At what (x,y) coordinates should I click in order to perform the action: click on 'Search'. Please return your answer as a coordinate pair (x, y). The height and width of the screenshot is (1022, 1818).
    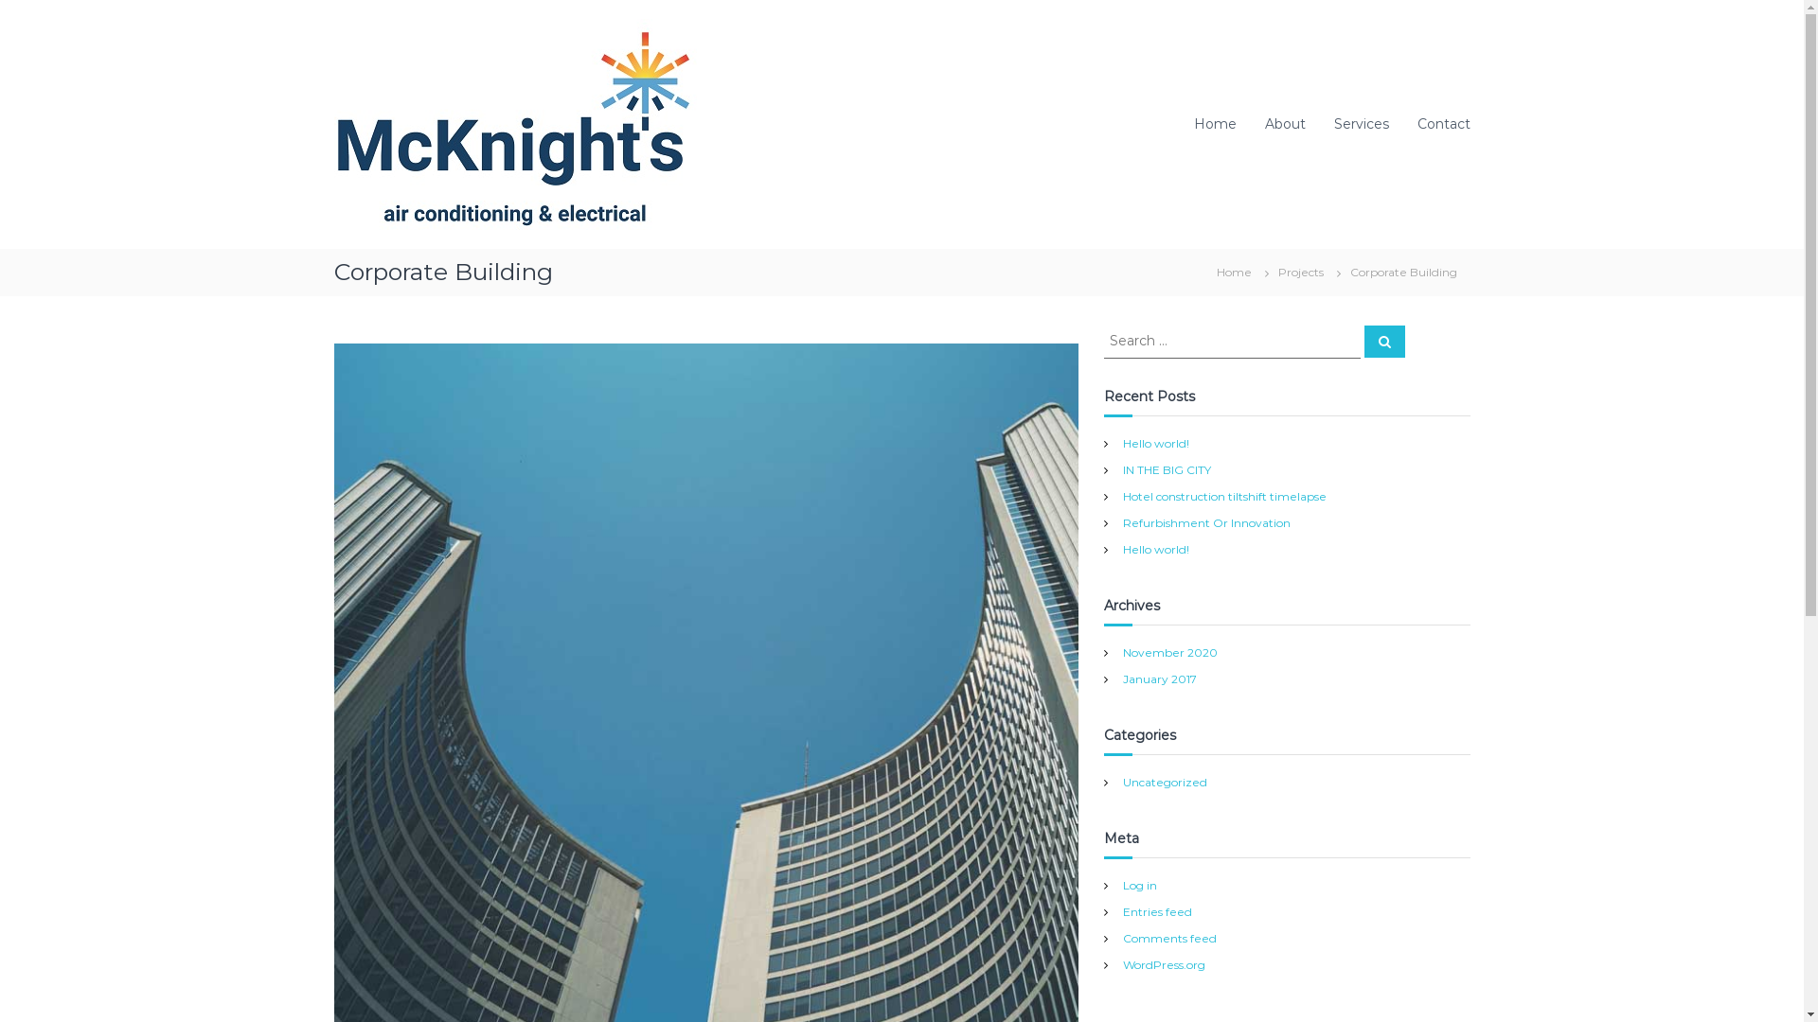
    Looking at the image, I should click on (1383, 342).